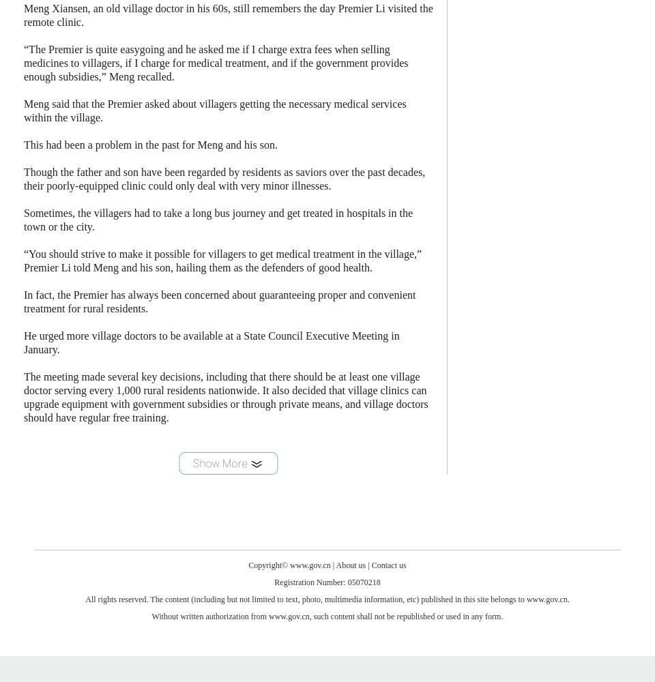  I want to click on 'All rights reserved. The content (including but not limited to
			text, photo, multimedia information, etc) published in this site
			belongs to www.gov.cn.', so click(327, 599).